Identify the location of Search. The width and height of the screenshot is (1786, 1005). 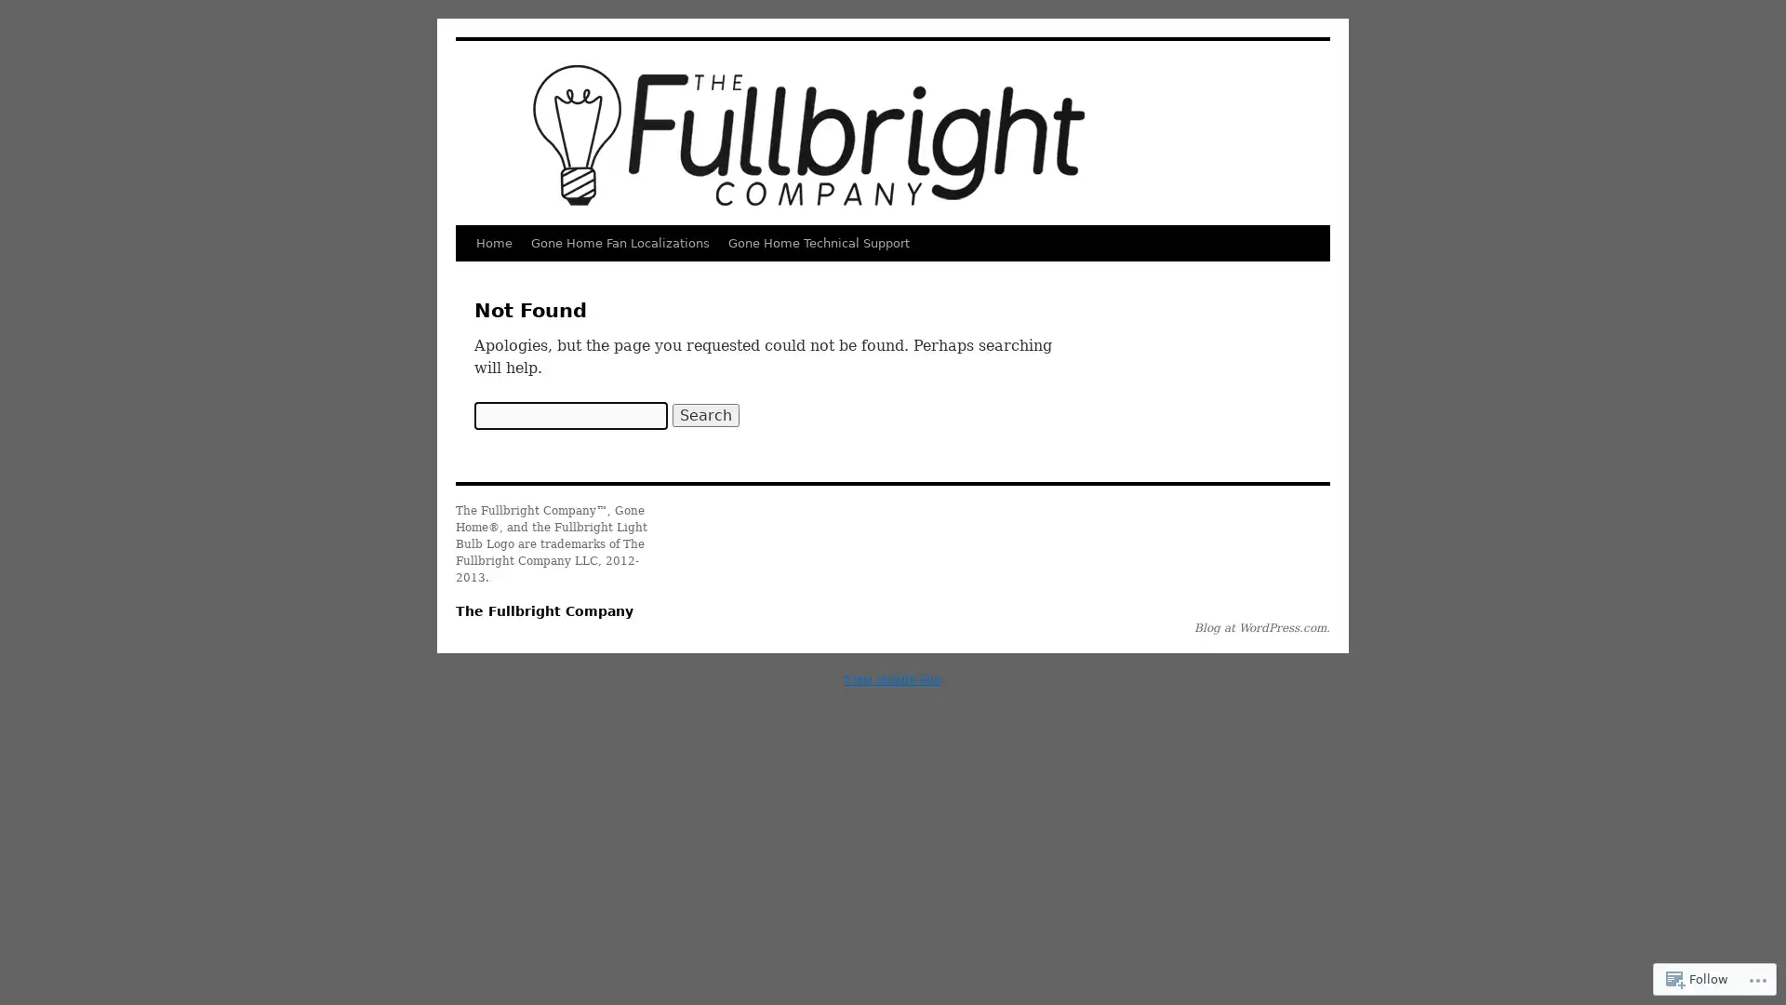
(704, 414).